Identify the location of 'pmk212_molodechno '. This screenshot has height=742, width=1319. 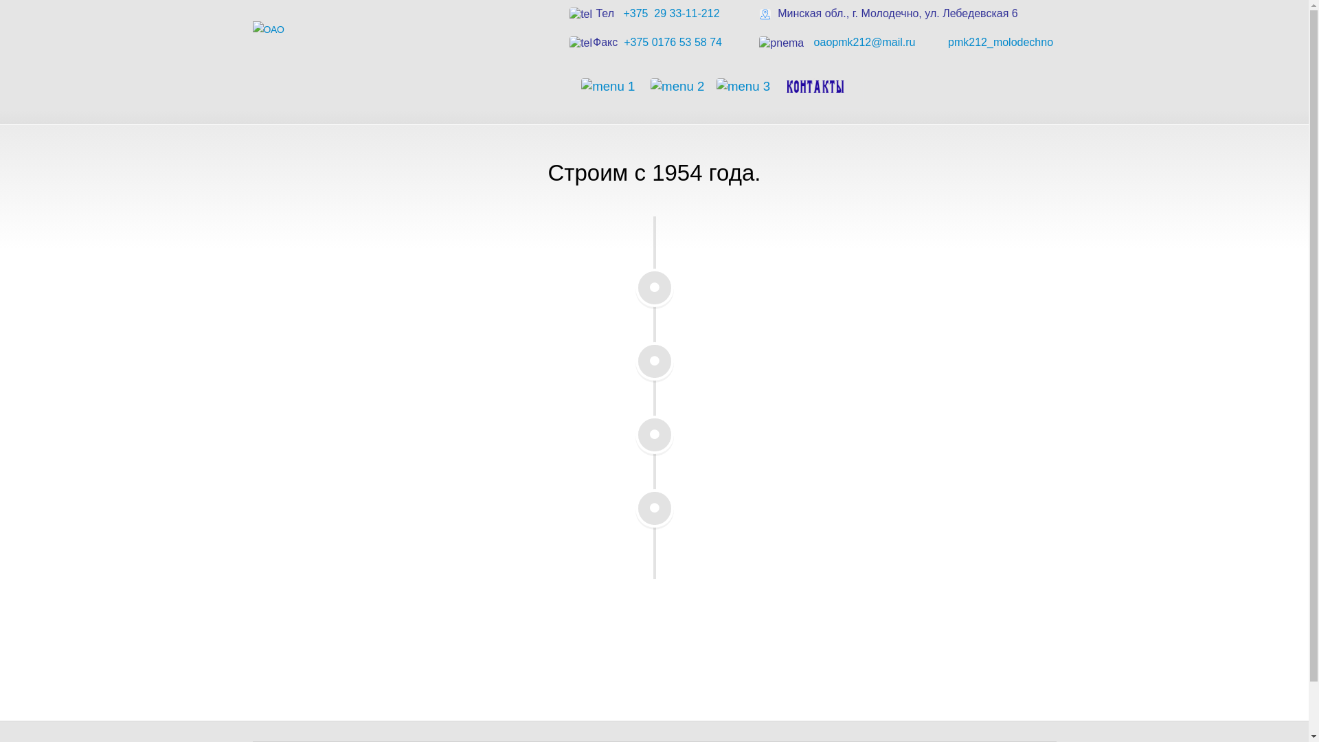
(1002, 41).